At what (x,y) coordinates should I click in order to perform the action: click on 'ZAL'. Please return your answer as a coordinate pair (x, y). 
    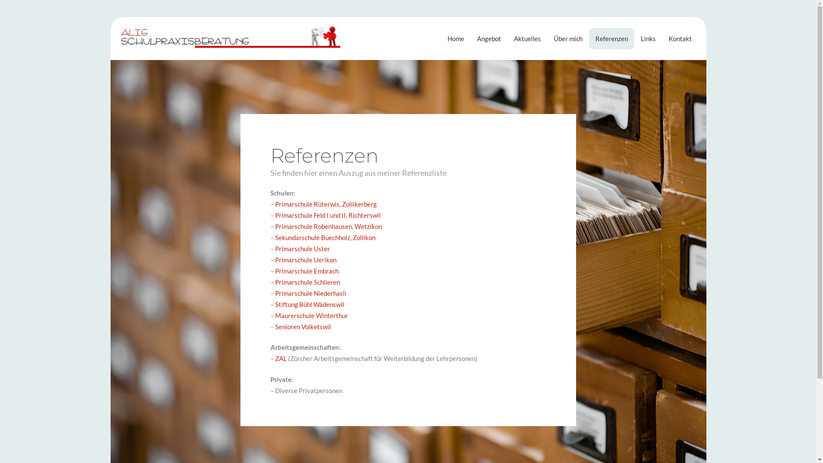
    Looking at the image, I should click on (281, 358).